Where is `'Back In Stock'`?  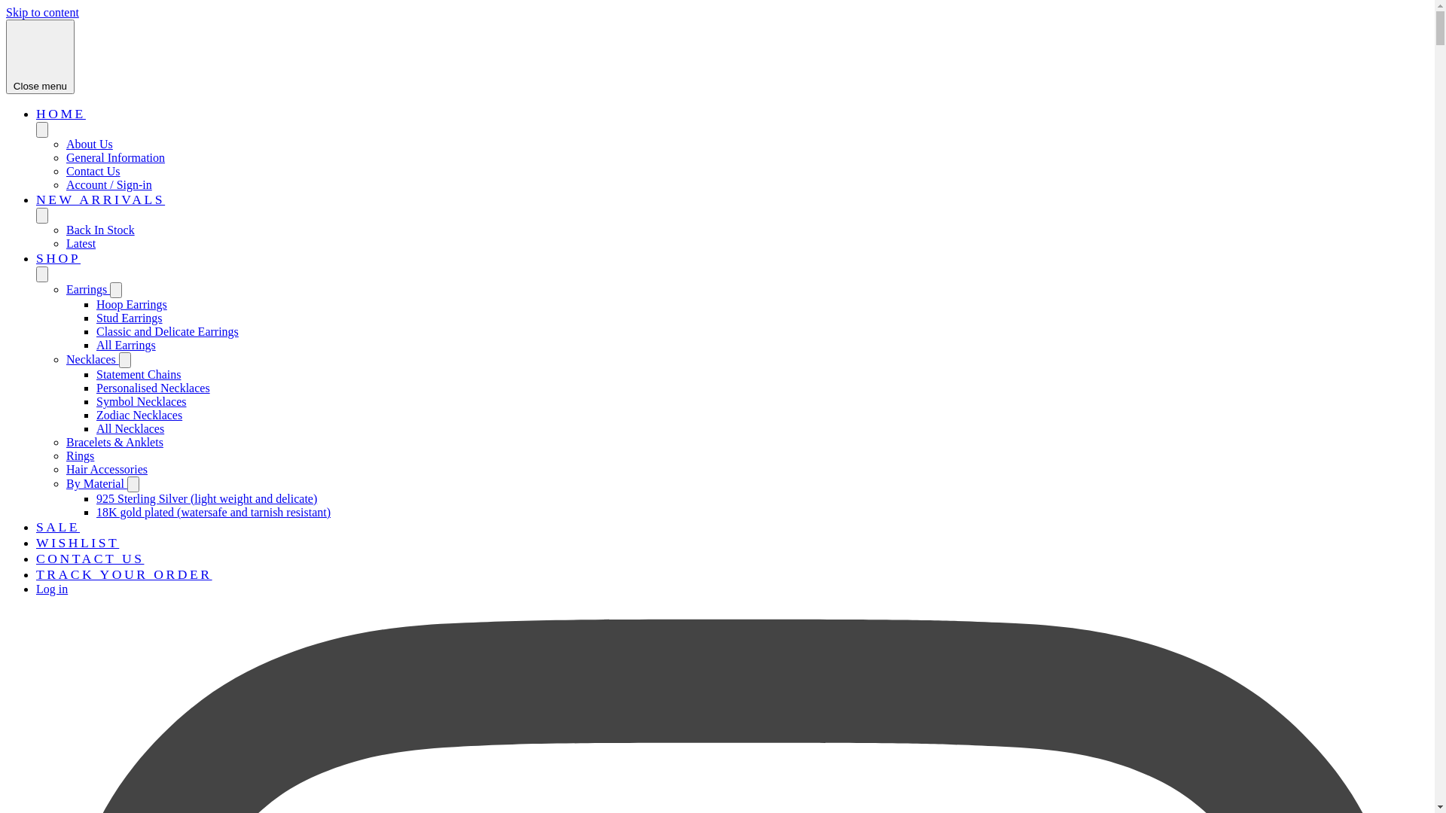
'Back In Stock' is located at coordinates (99, 230).